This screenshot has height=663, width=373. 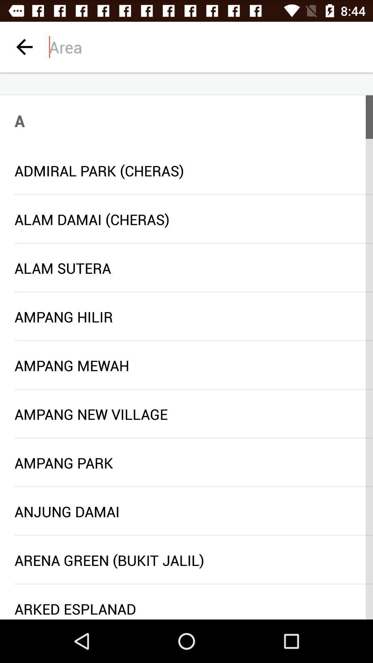 What do you see at coordinates (193, 438) in the screenshot?
I see `the icon below ampang new village icon` at bounding box center [193, 438].